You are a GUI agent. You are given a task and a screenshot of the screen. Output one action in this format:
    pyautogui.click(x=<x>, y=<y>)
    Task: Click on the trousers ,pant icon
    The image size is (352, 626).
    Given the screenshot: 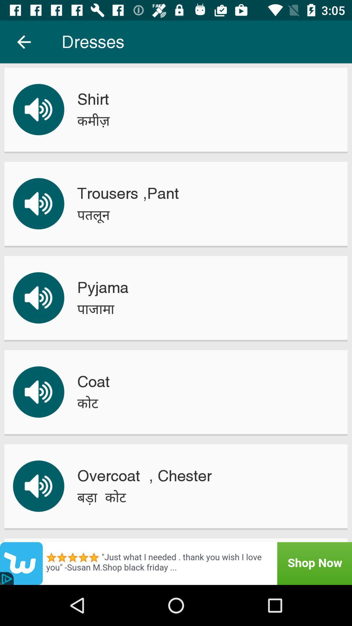 What is the action you would take?
    pyautogui.click(x=128, y=193)
    